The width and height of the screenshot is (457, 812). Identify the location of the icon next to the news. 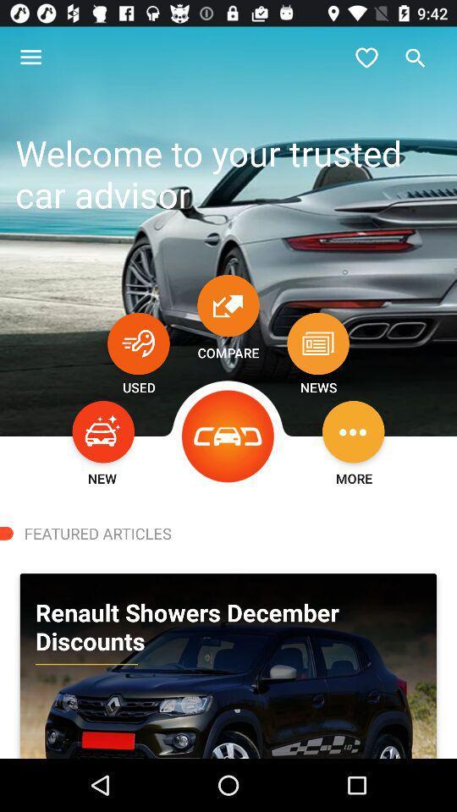
(228, 436).